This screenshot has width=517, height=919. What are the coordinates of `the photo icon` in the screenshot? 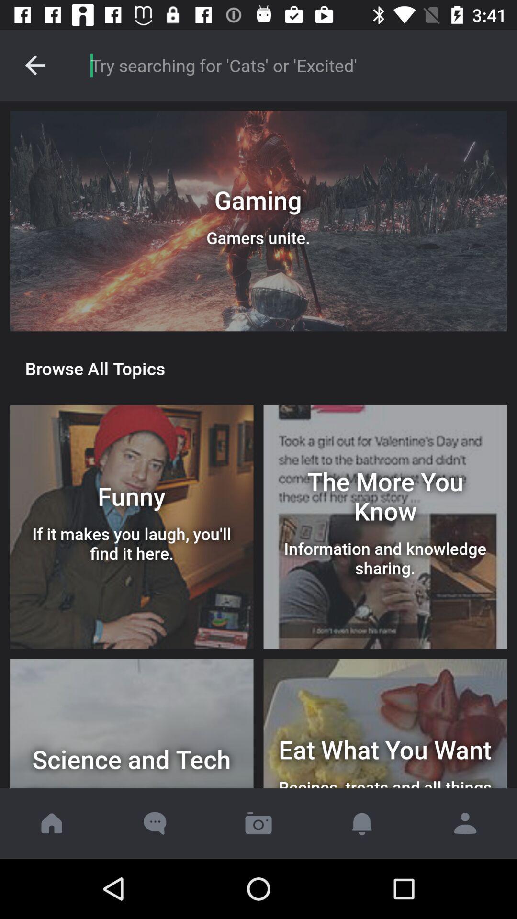 It's located at (258, 823).